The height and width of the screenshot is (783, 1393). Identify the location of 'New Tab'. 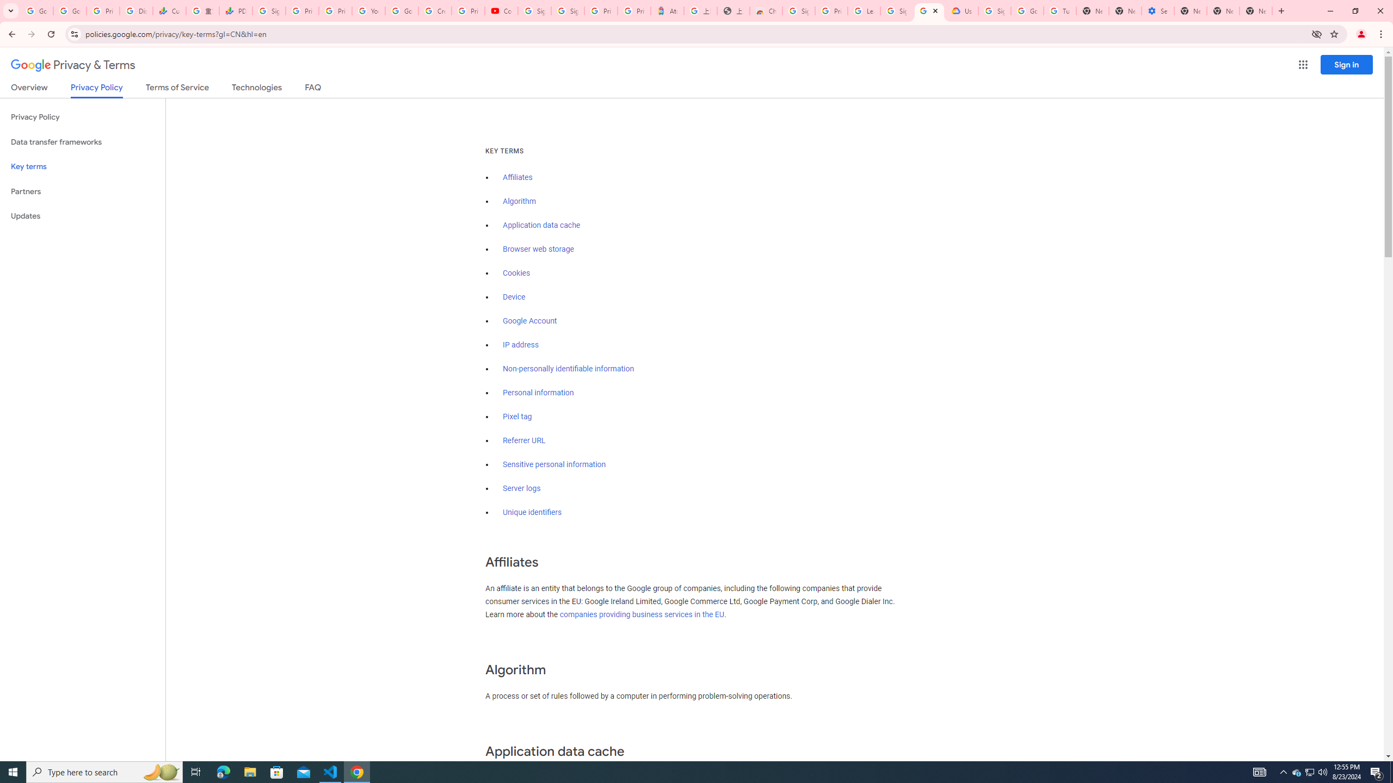
(1189, 10).